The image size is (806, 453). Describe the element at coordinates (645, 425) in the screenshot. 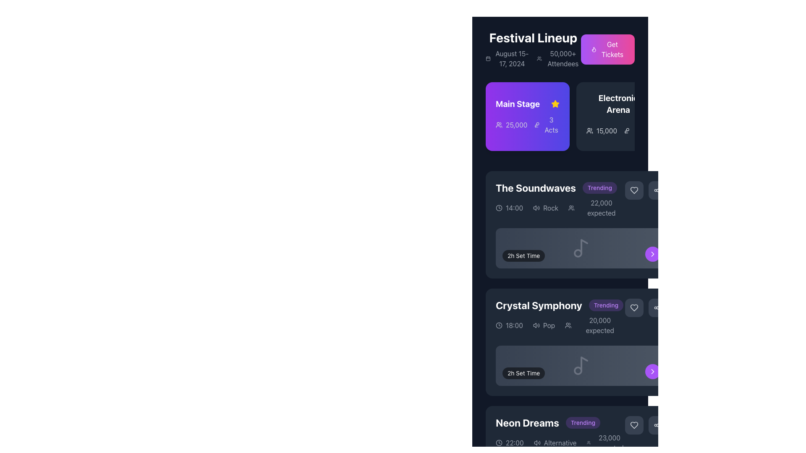

I see `the interactive icons (heart and share) located in the bottom-right corner of the 'Neon Dreams' section card` at that location.